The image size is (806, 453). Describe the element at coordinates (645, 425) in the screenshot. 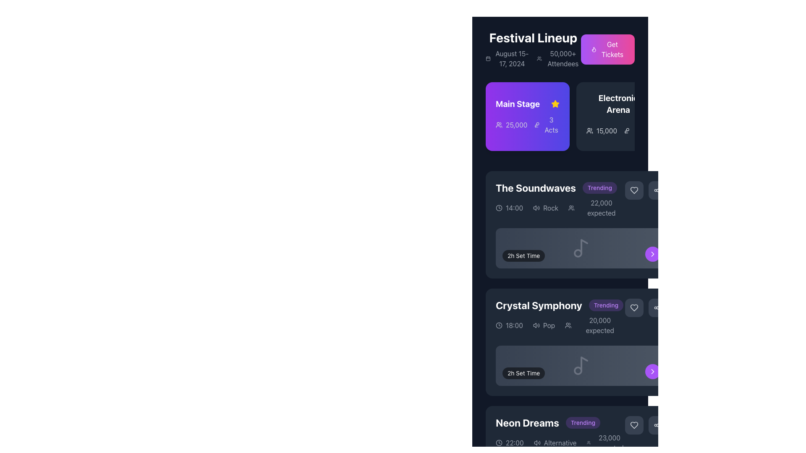

I see `the interactive icons (heart and share) located in the bottom-right corner of the 'Neon Dreams' section card` at that location.